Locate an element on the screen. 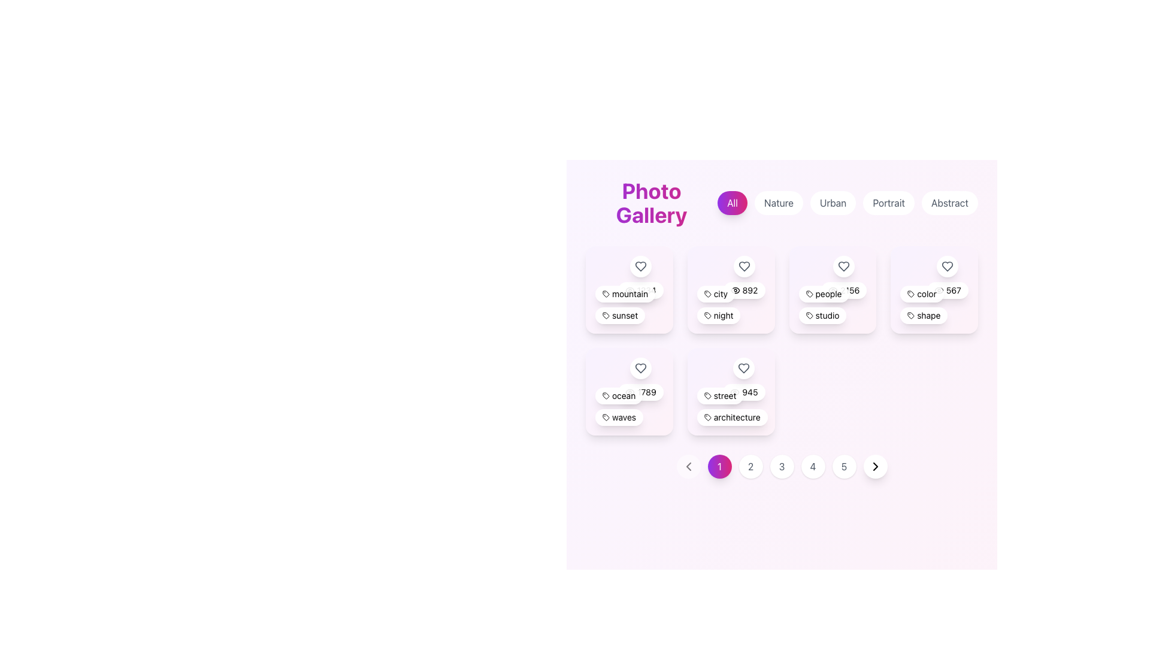  the like button located in the second row and first column of the grid layout, indicated by the number '1789' beneath it is located at coordinates (640, 379).